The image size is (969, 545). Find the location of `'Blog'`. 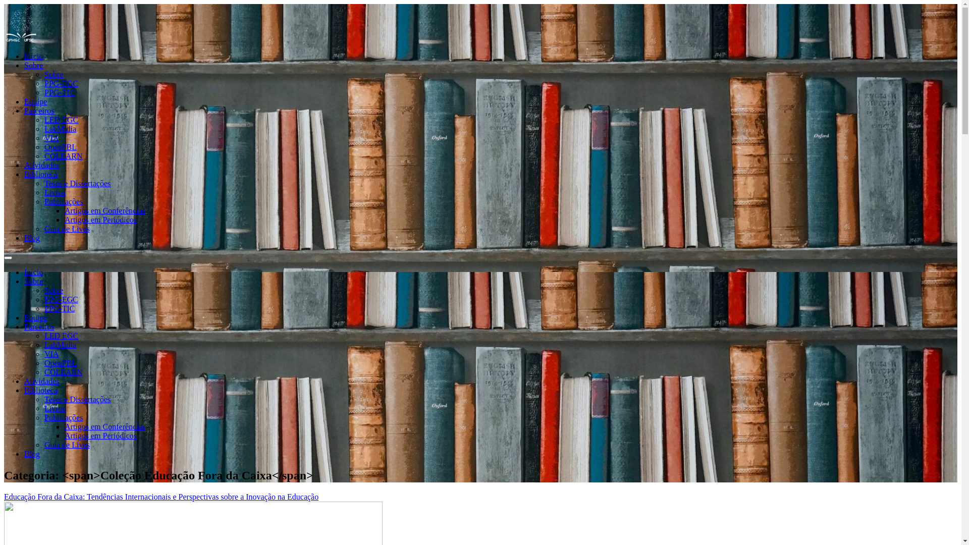

'Blog' is located at coordinates (32, 453).